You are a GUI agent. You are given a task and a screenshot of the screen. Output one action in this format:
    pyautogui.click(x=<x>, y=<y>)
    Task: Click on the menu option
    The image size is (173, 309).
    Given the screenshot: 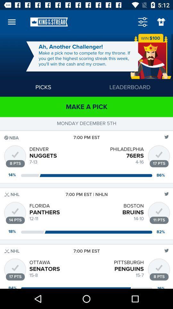 What is the action you would take?
    pyautogui.click(x=143, y=22)
    